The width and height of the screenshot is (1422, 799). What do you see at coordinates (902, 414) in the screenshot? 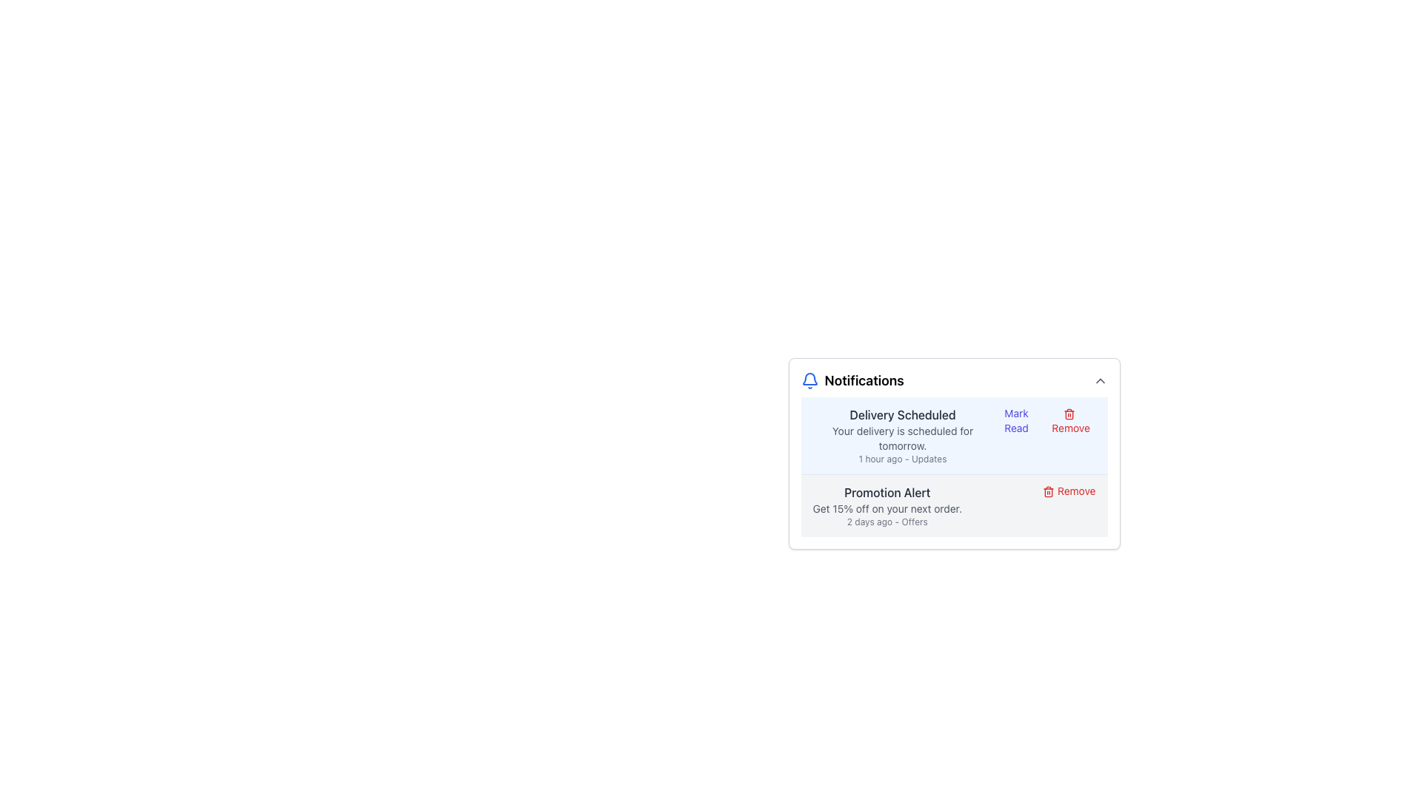
I see `text from the 'Delivery Scheduled' text label, which is styled in medium-weight dark gray font and positioned at the top of the notification card` at bounding box center [902, 414].